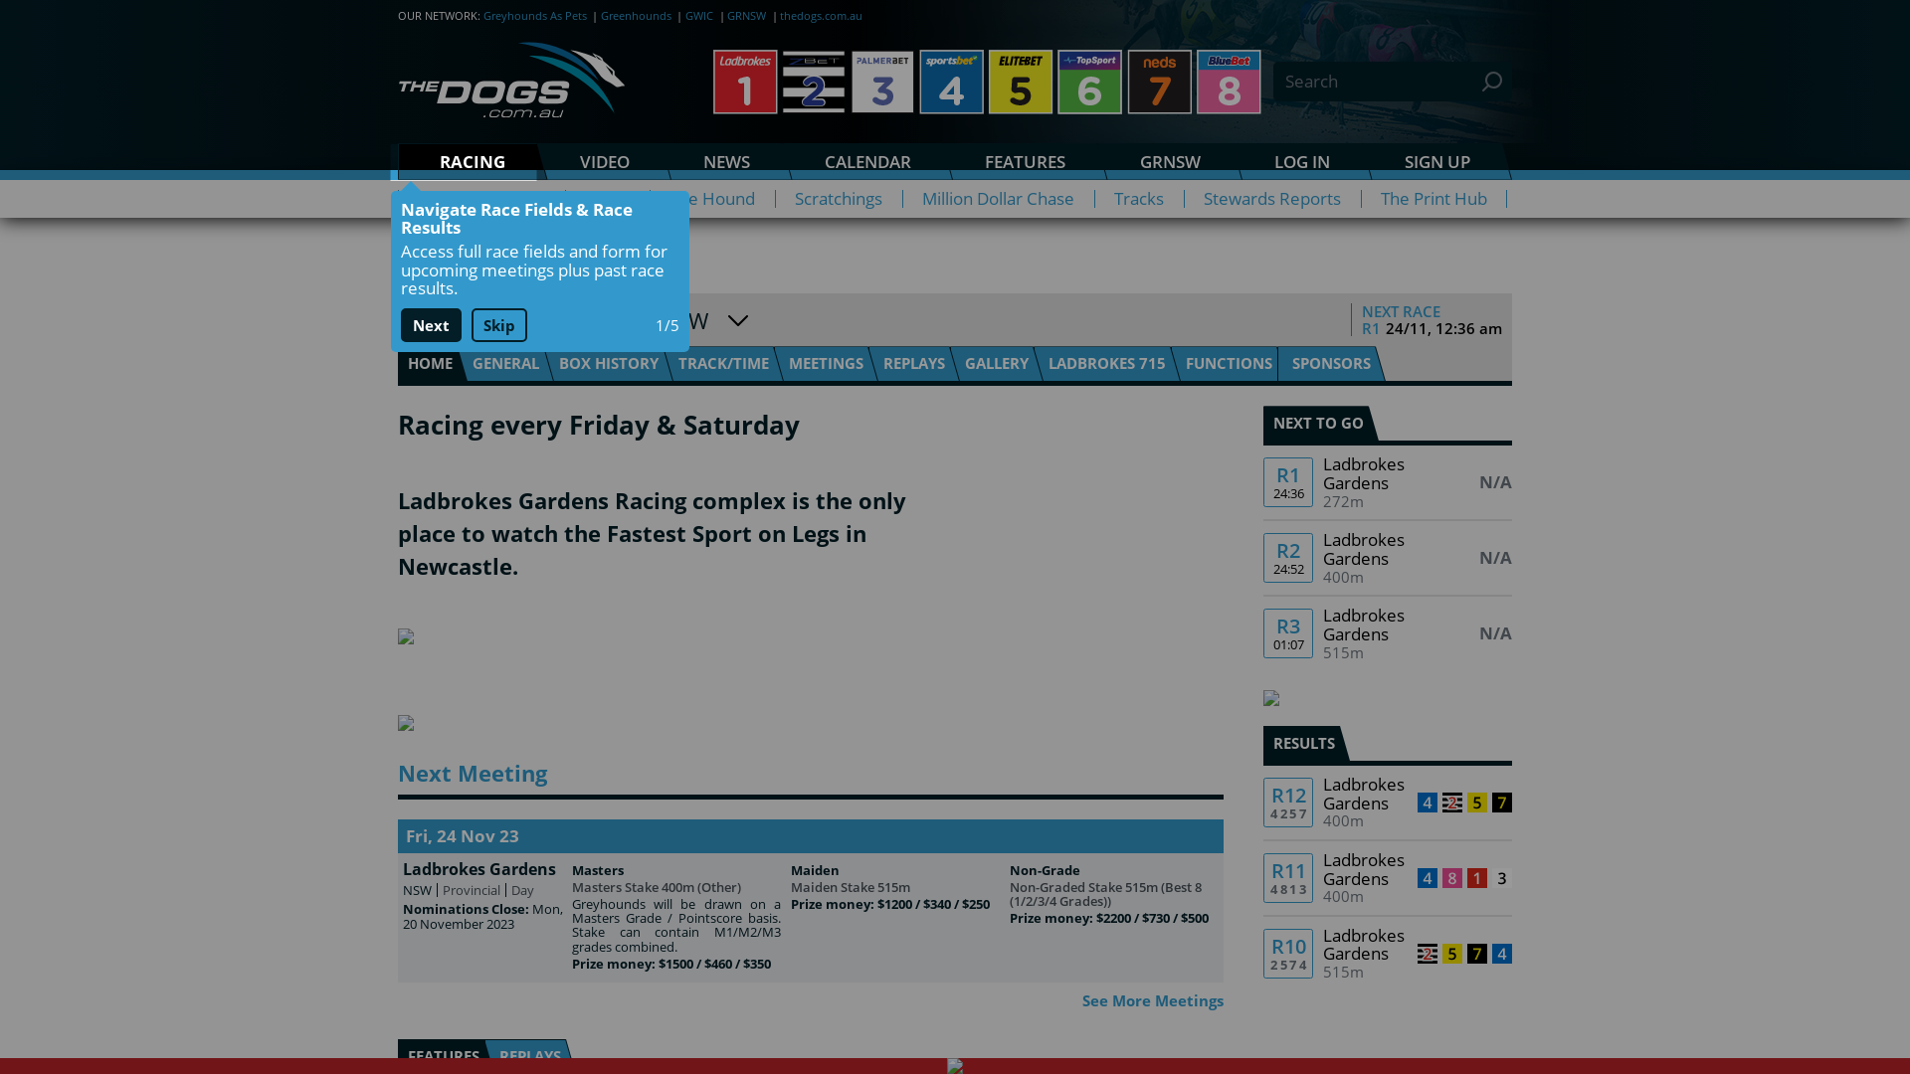  I want to click on 'HOME', so click(397, 363).